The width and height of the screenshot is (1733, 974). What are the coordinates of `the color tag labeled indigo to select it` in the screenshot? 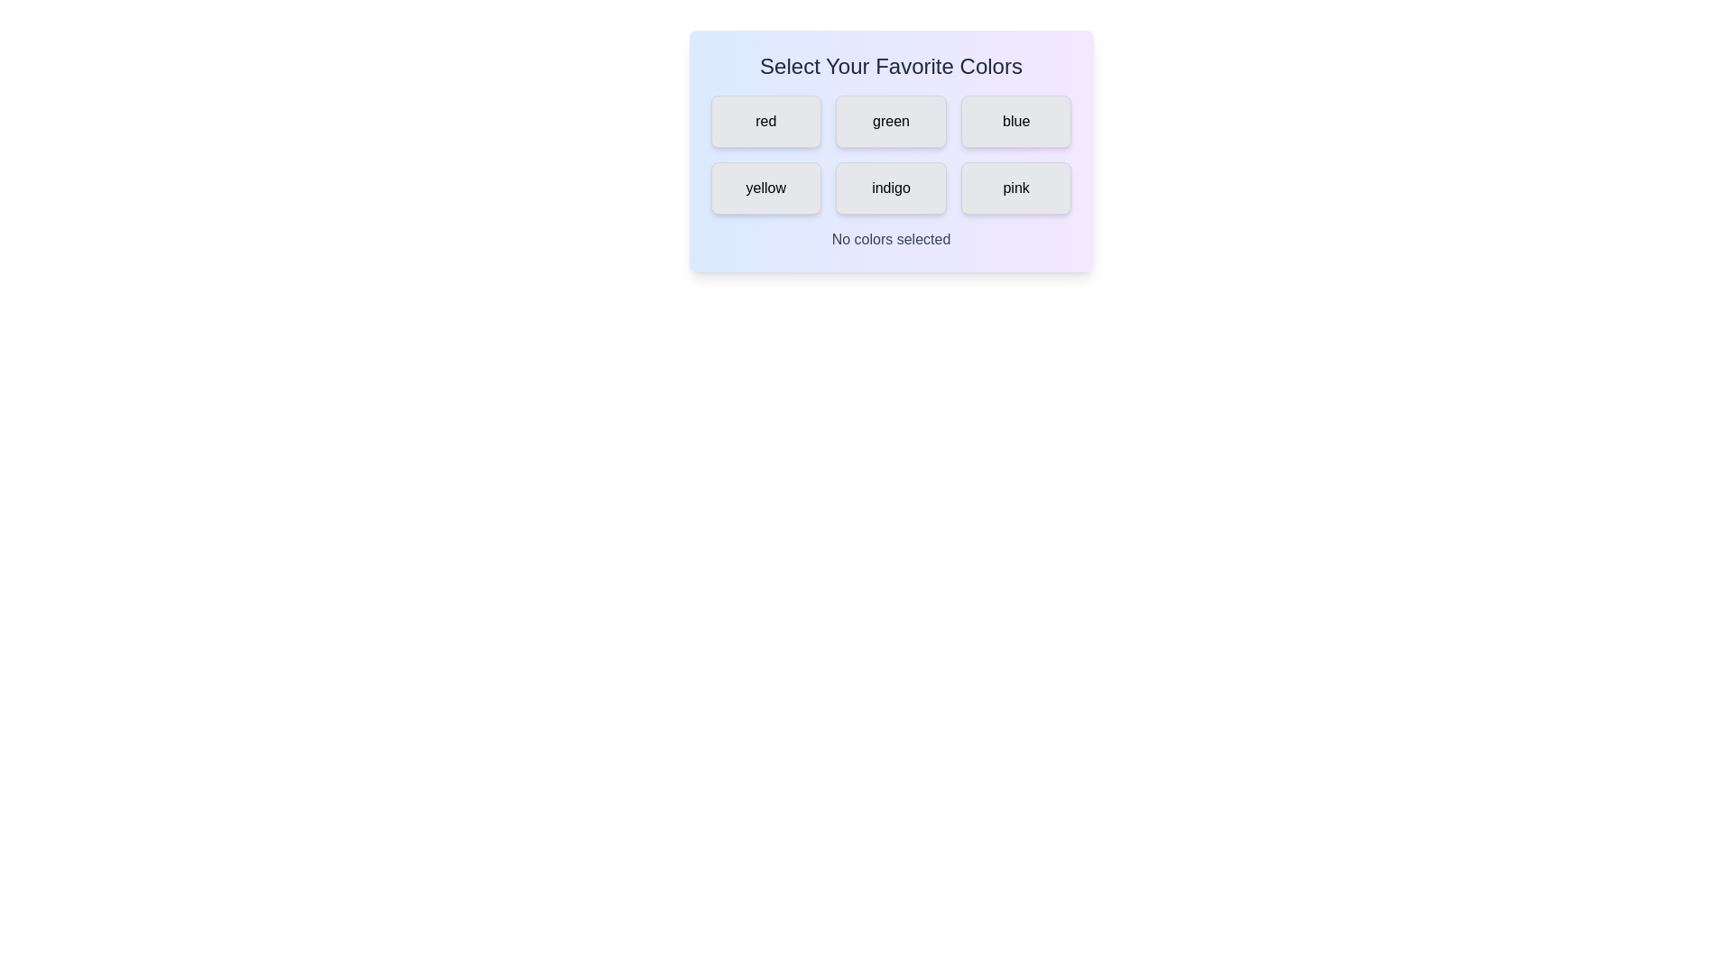 It's located at (891, 188).